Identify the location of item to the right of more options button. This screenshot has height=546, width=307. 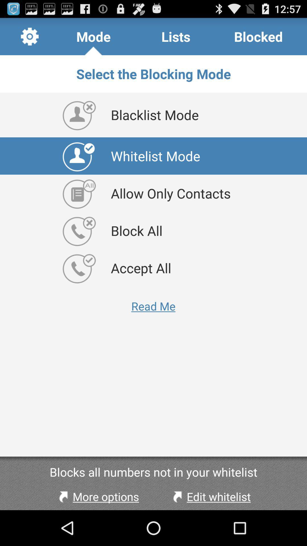
(210, 496).